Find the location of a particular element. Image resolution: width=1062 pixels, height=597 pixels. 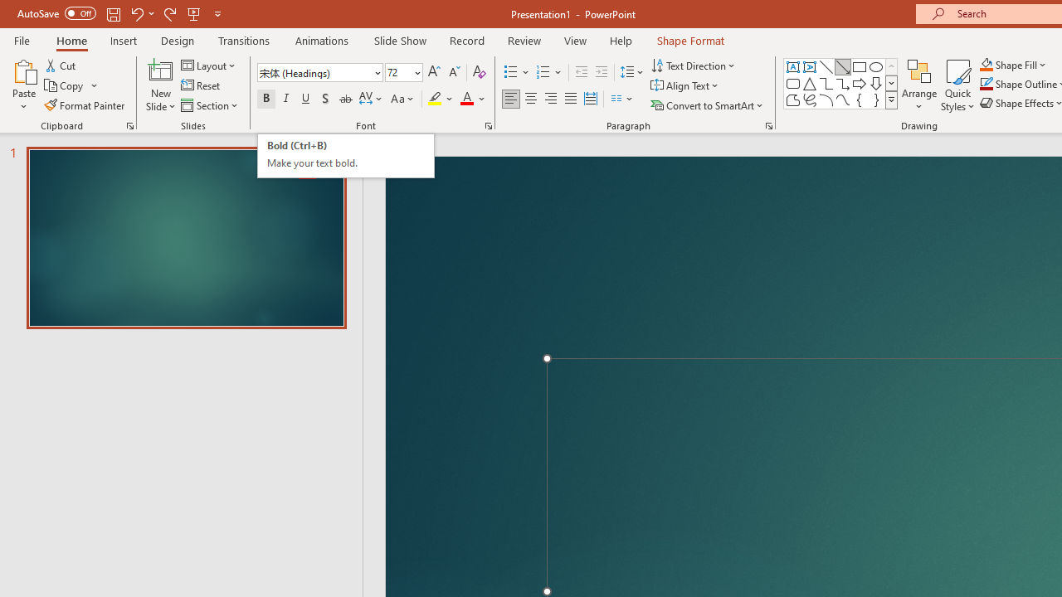

'Justify' is located at coordinates (571, 99).